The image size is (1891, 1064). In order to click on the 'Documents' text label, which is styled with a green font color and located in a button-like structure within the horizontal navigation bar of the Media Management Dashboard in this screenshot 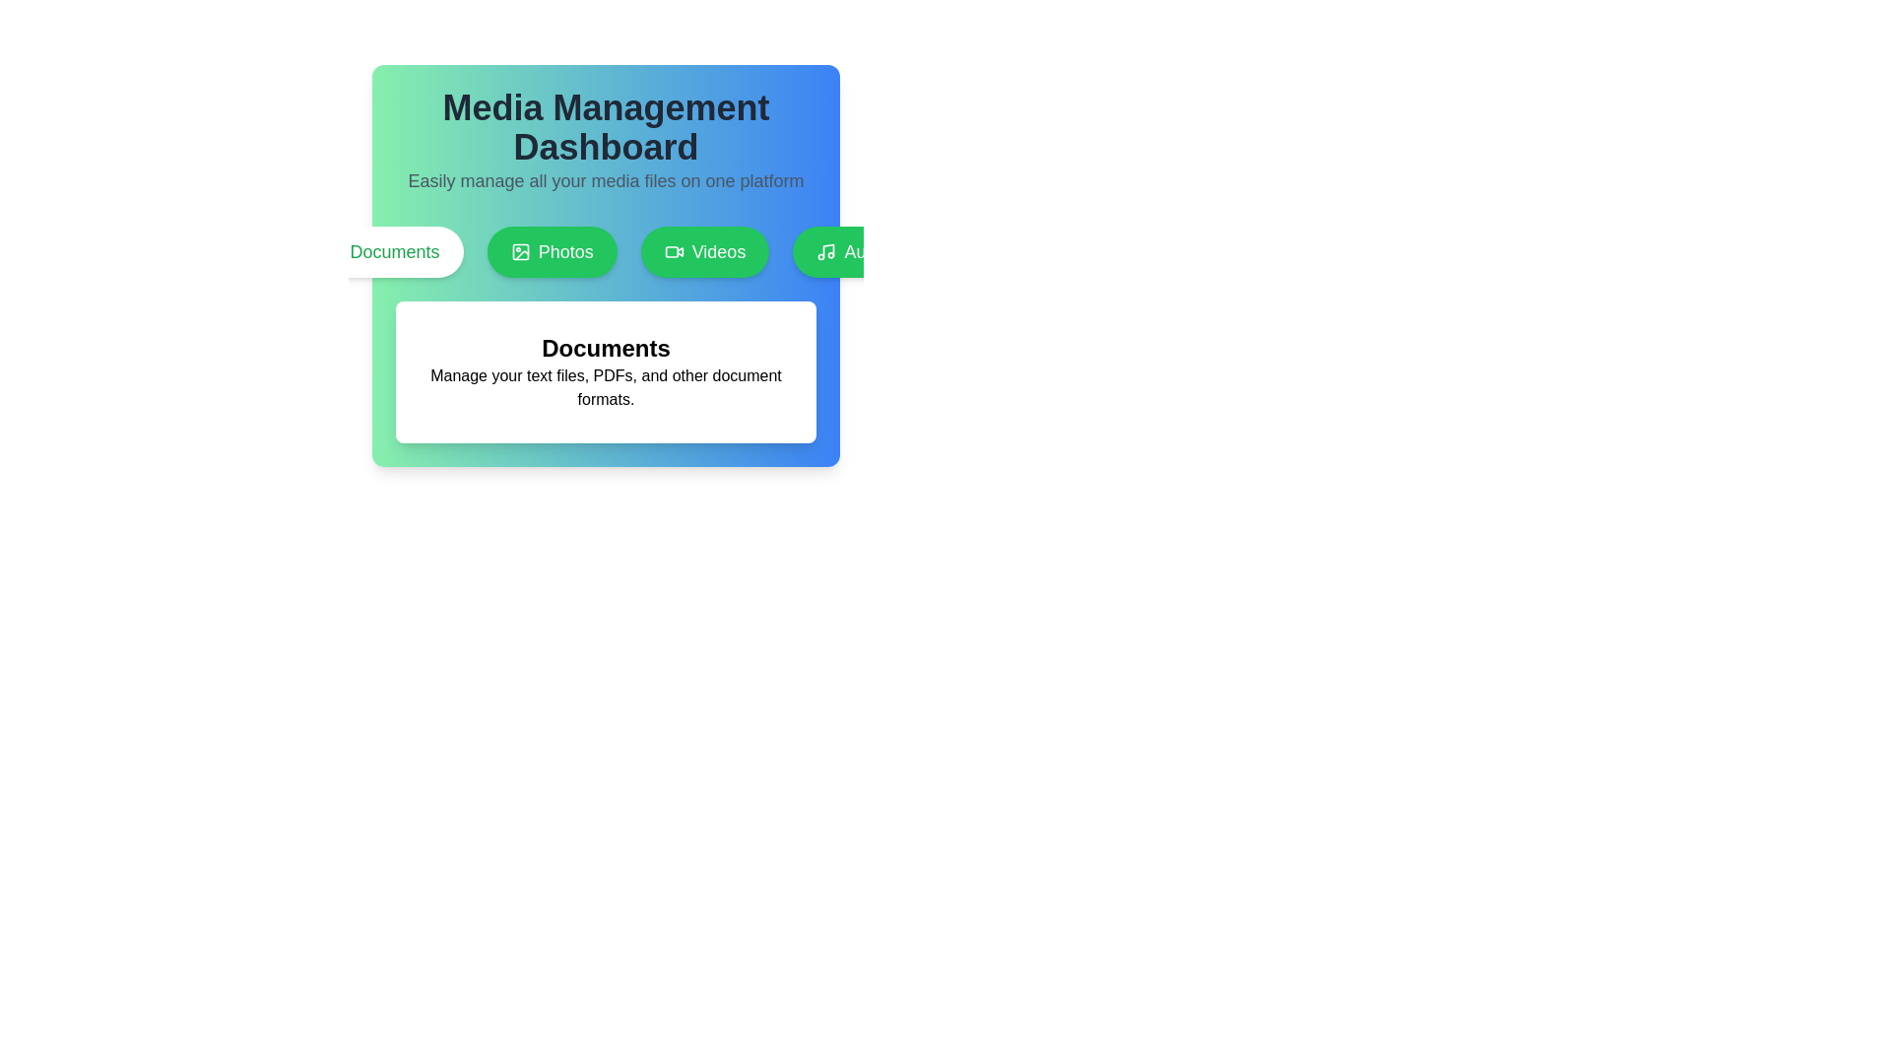, I will do `click(394, 250)`.